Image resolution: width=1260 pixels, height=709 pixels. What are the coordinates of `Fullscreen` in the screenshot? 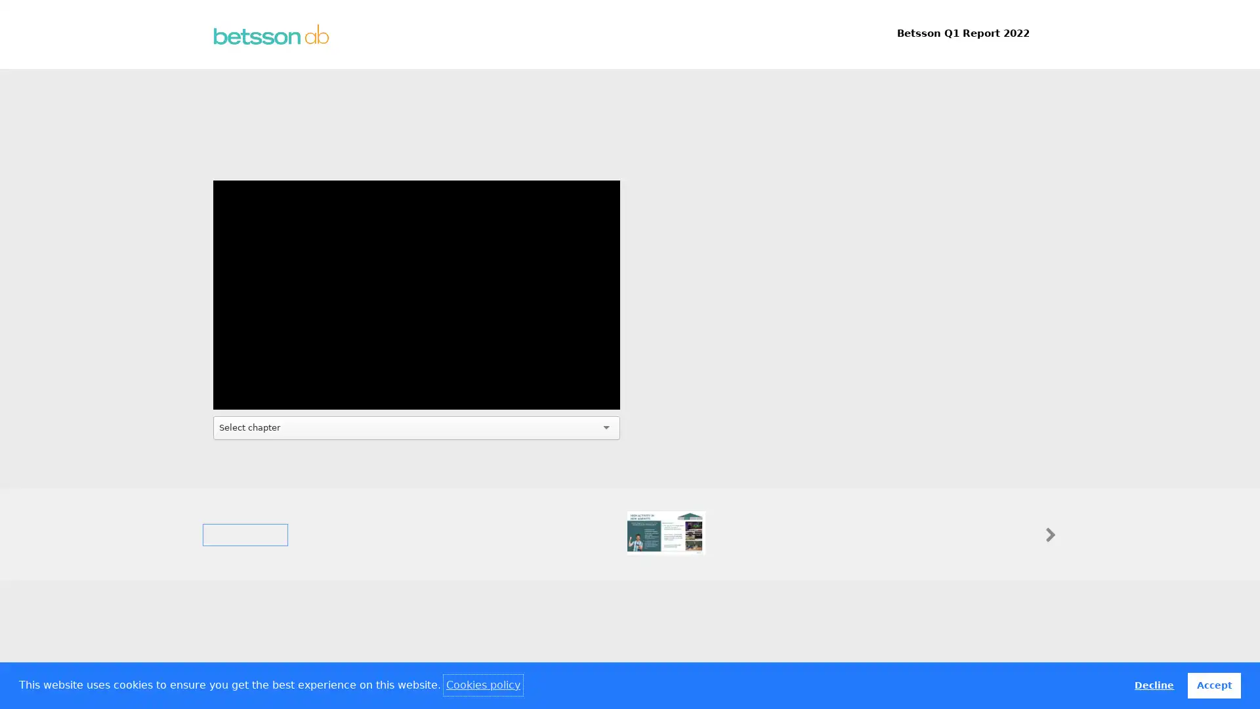 It's located at (598, 389).